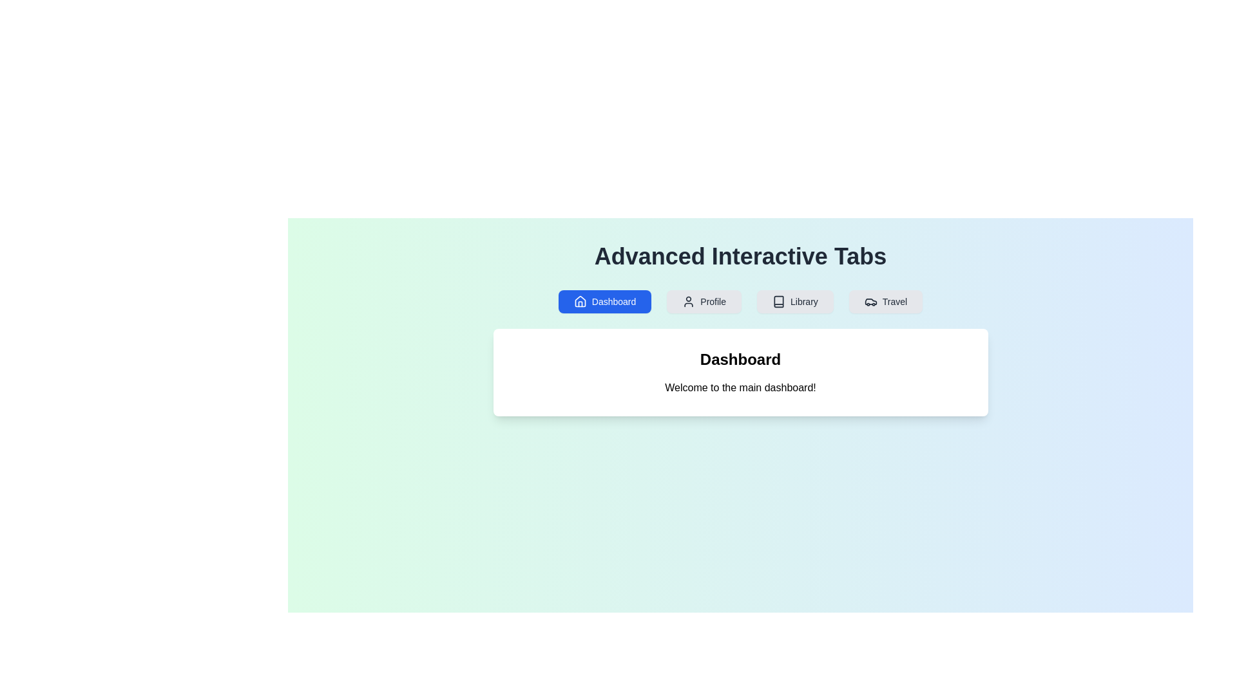  Describe the element at coordinates (778, 302) in the screenshot. I see `properties of the 'Library' icon that is visually represented as a book and located in the third tab of the navigation bar below the title 'Advanced Interactive Tabs'` at that location.